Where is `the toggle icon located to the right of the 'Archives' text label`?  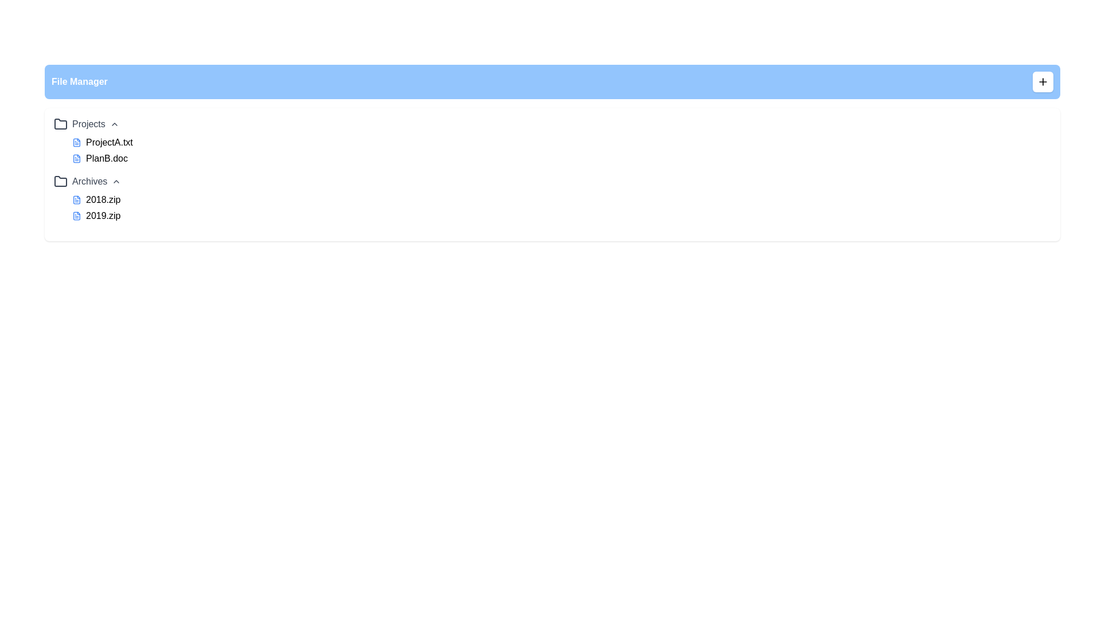
the toggle icon located to the right of the 'Archives' text label is located at coordinates (116, 181).